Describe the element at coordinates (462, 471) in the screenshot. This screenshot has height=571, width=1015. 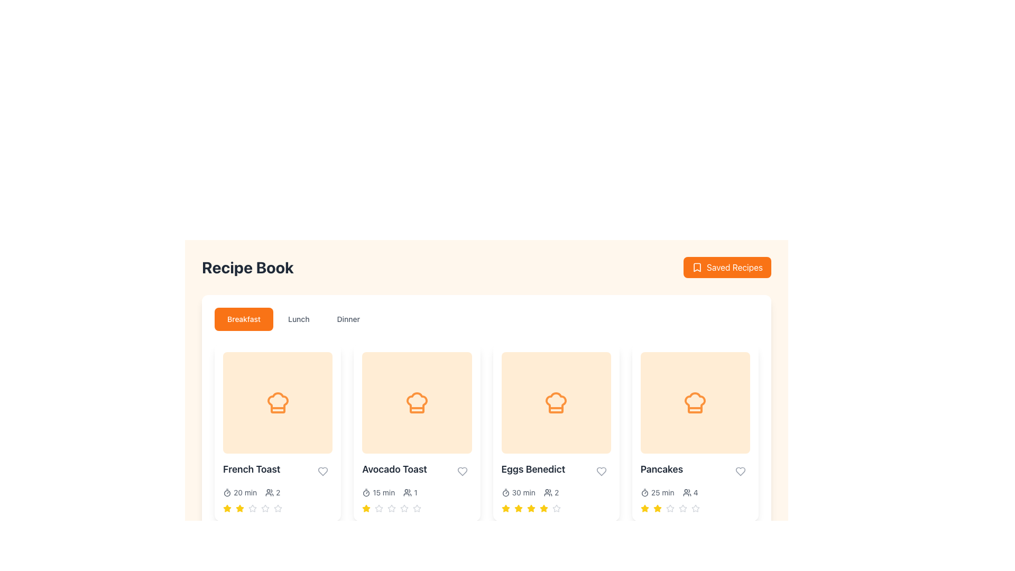
I see `the heart-shaped icon button filled with light gray color` at that location.